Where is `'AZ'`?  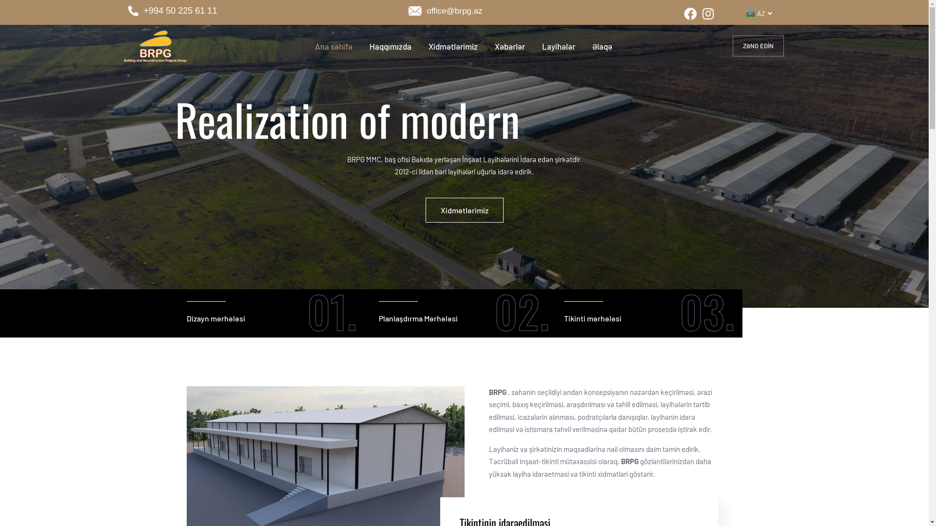
'AZ' is located at coordinates (736, 13).